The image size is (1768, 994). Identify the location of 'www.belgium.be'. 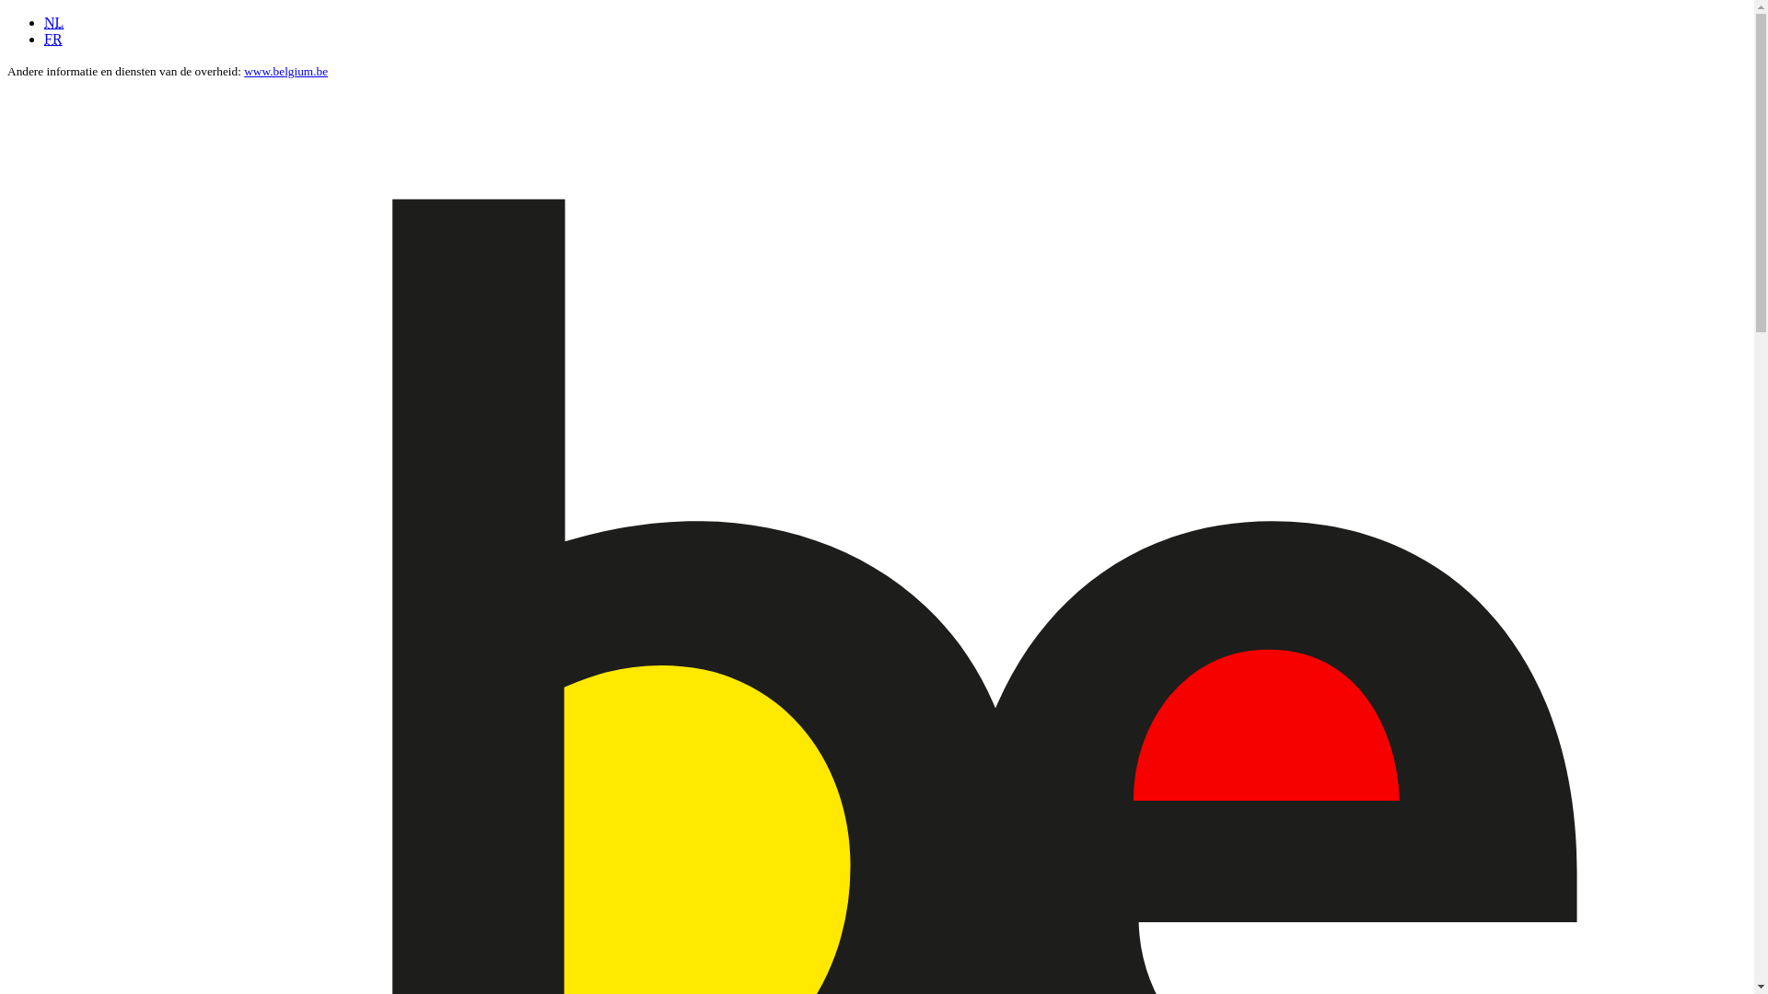
(285, 70).